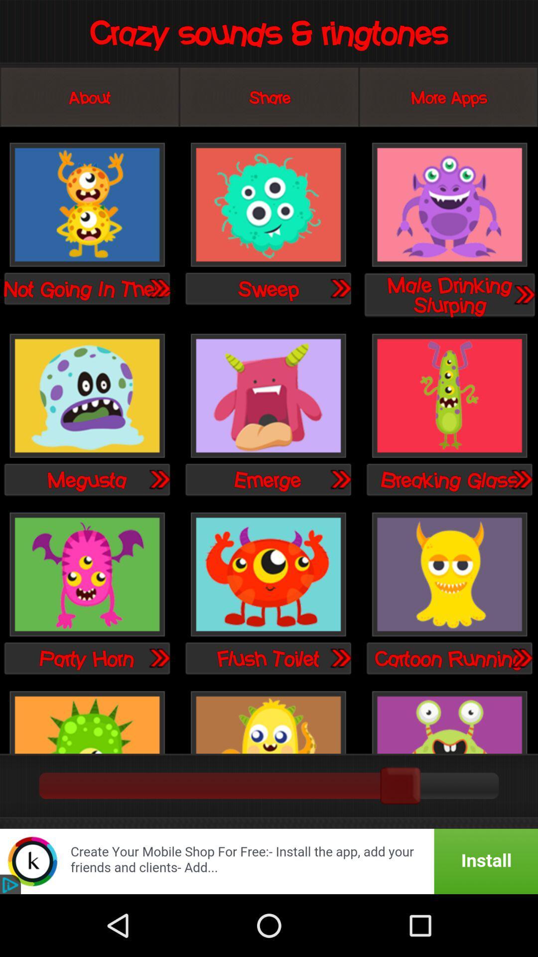  Describe the element at coordinates (340, 658) in the screenshot. I see `play` at that location.